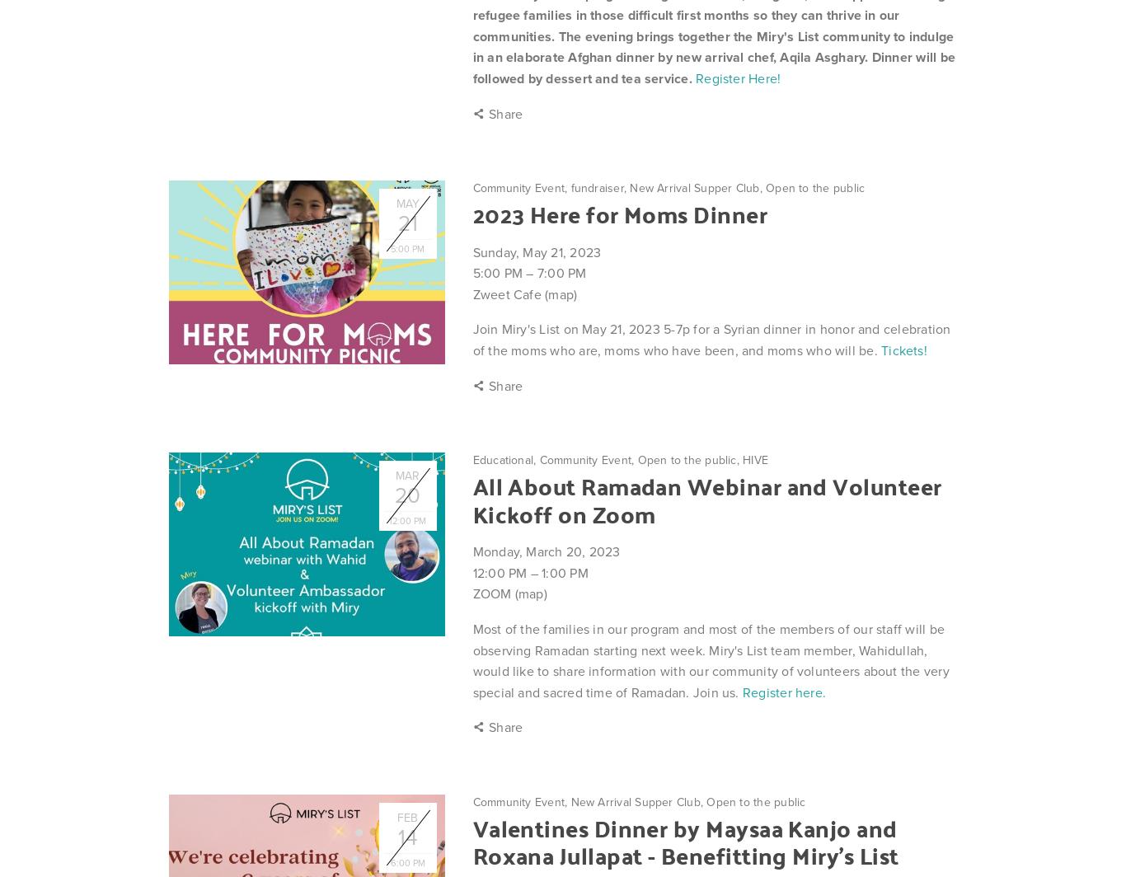 This screenshot has width=1126, height=877. What do you see at coordinates (755, 460) in the screenshot?
I see `'HIVE'` at bounding box center [755, 460].